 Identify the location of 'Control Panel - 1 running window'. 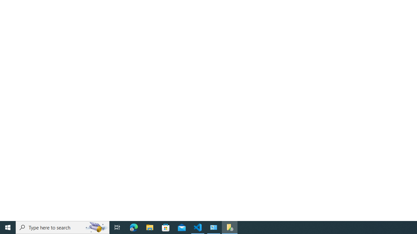
(214, 227).